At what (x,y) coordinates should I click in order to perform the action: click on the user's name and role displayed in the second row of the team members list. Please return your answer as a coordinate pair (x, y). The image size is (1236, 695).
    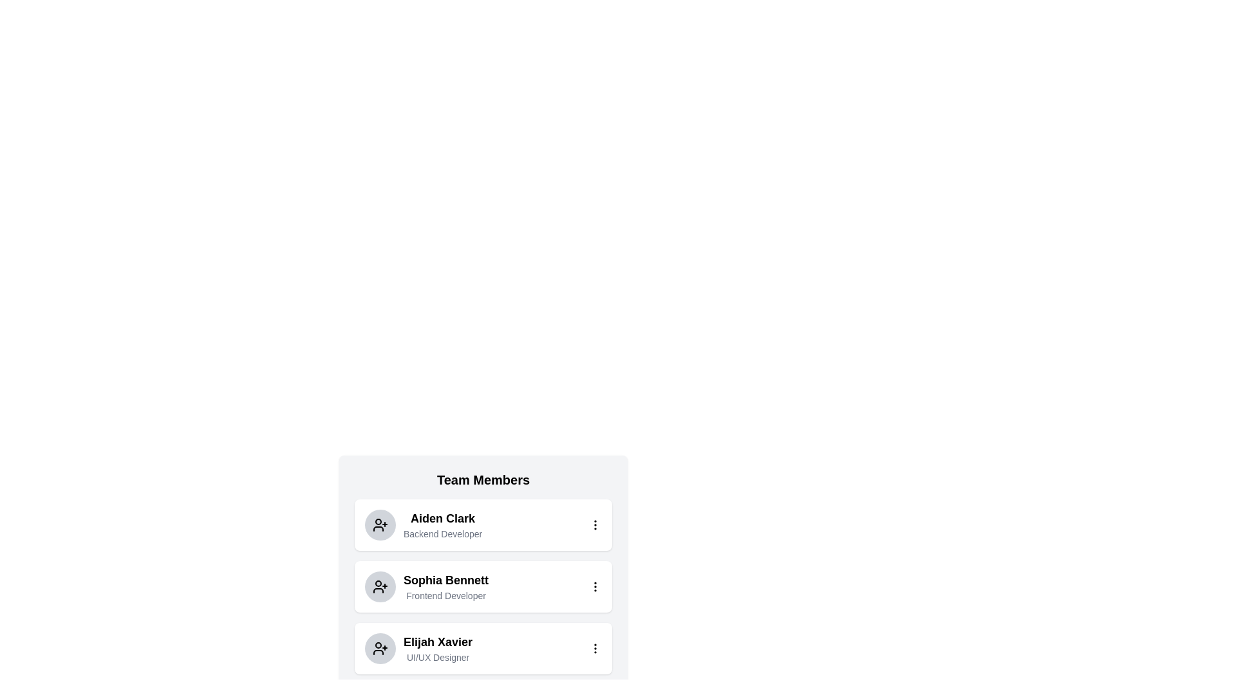
    Looking at the image, I should click on (426, 586).